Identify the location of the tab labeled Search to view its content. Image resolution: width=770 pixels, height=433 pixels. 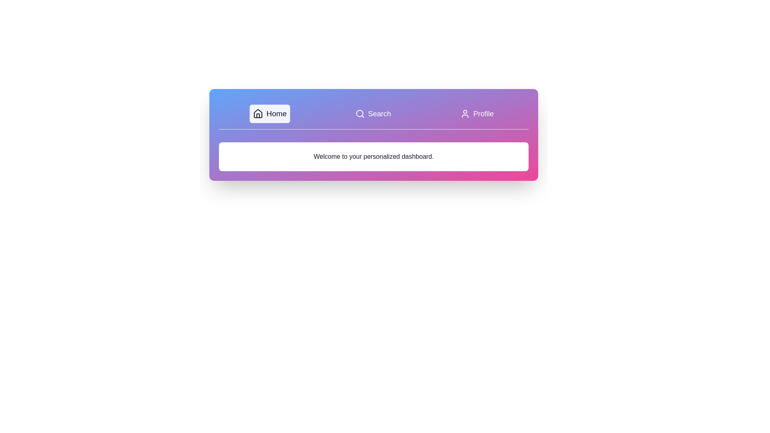
(373, 114).